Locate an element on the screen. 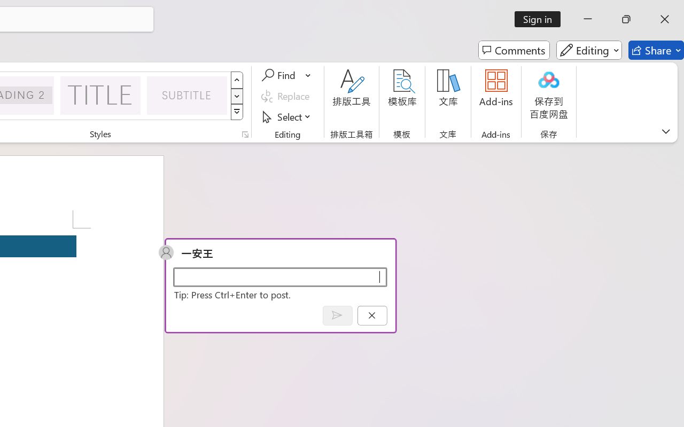 This screenshot has width=684, height=427. 'Sign in' is located at coordinates (541, 19).